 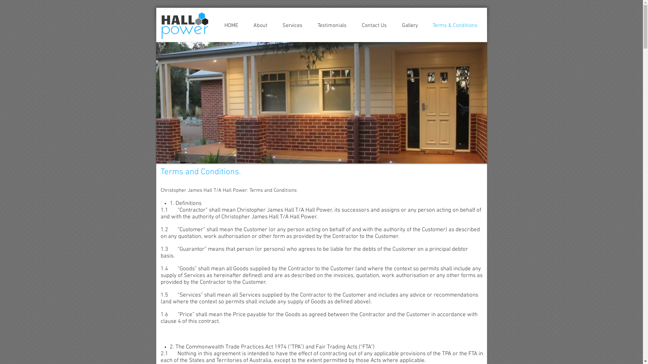 What do you see at coordinates (354, 25) in the screenshot?
I see `'Contact Us'` at bounding box center [354, 25].